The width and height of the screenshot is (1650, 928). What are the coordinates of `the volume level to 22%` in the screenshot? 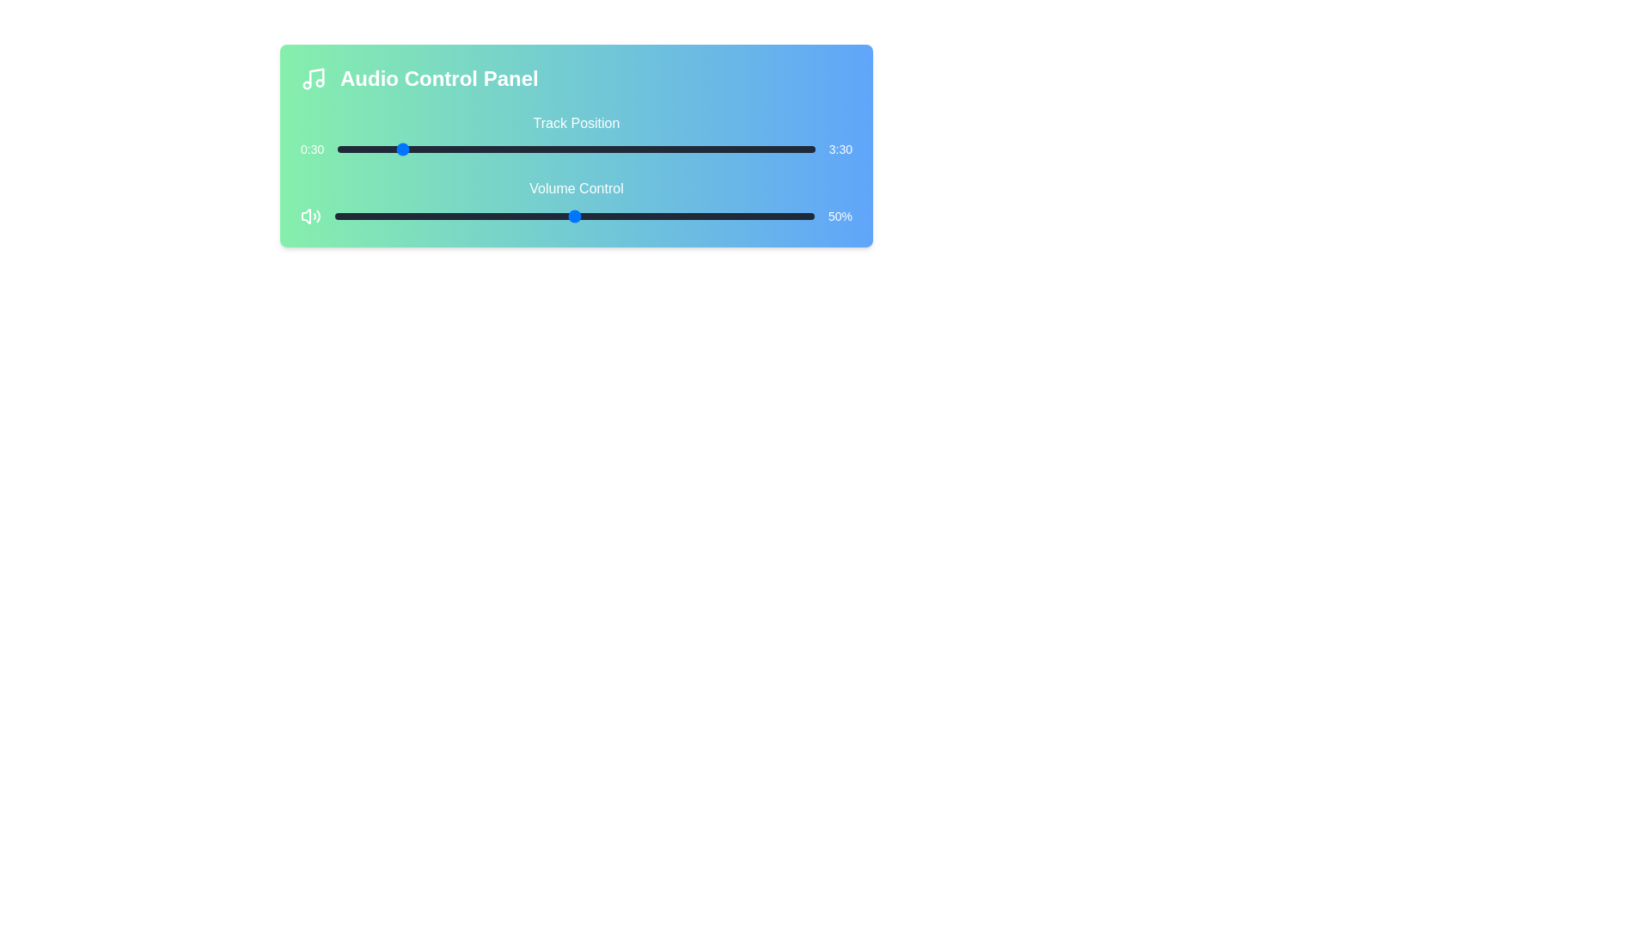 It's located at (440, 215).